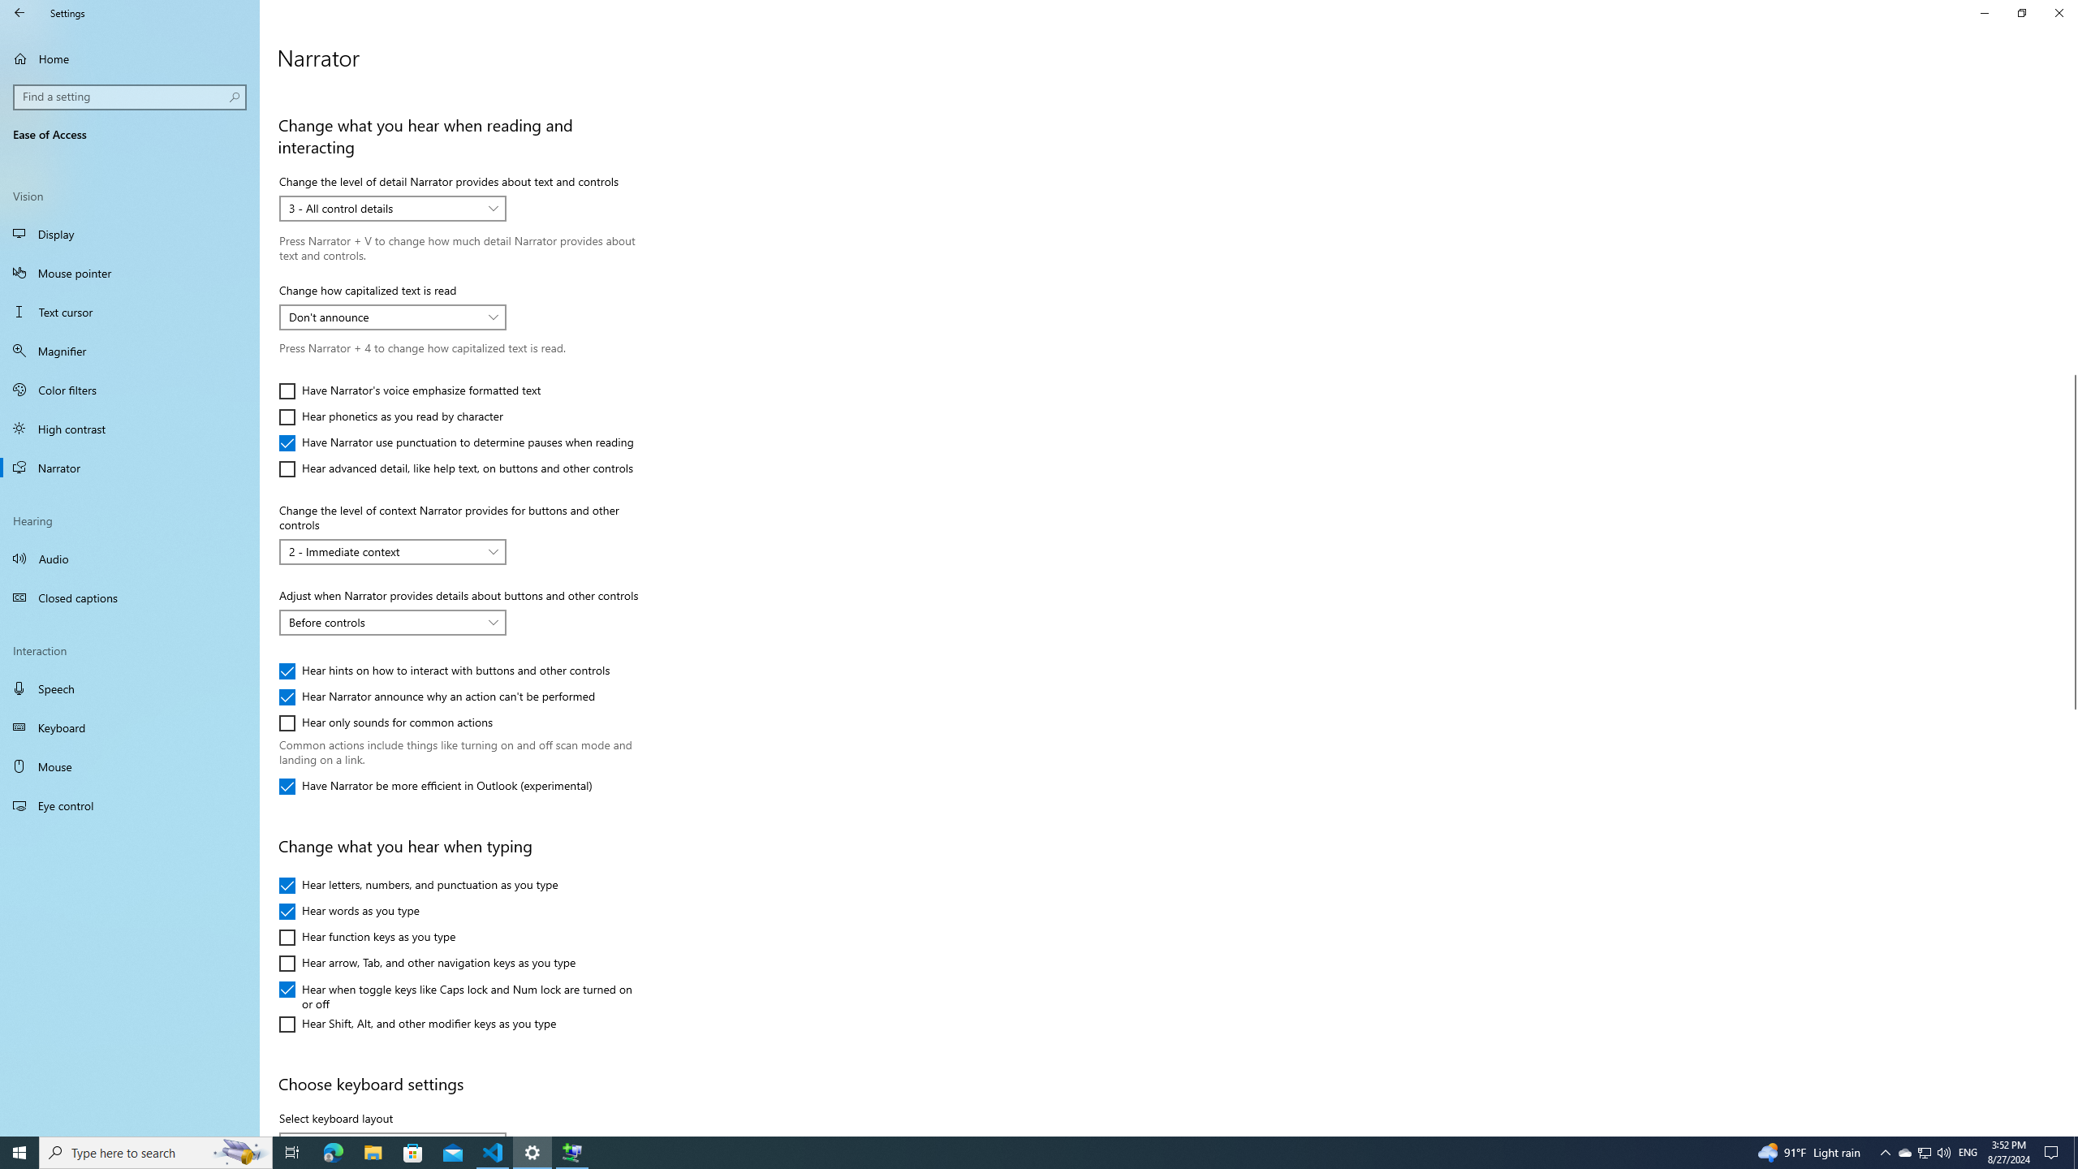  What do you see at coordinates (129, 804) in the screenshot?
I see `'Eye control'` at bounding box center [129, 804].